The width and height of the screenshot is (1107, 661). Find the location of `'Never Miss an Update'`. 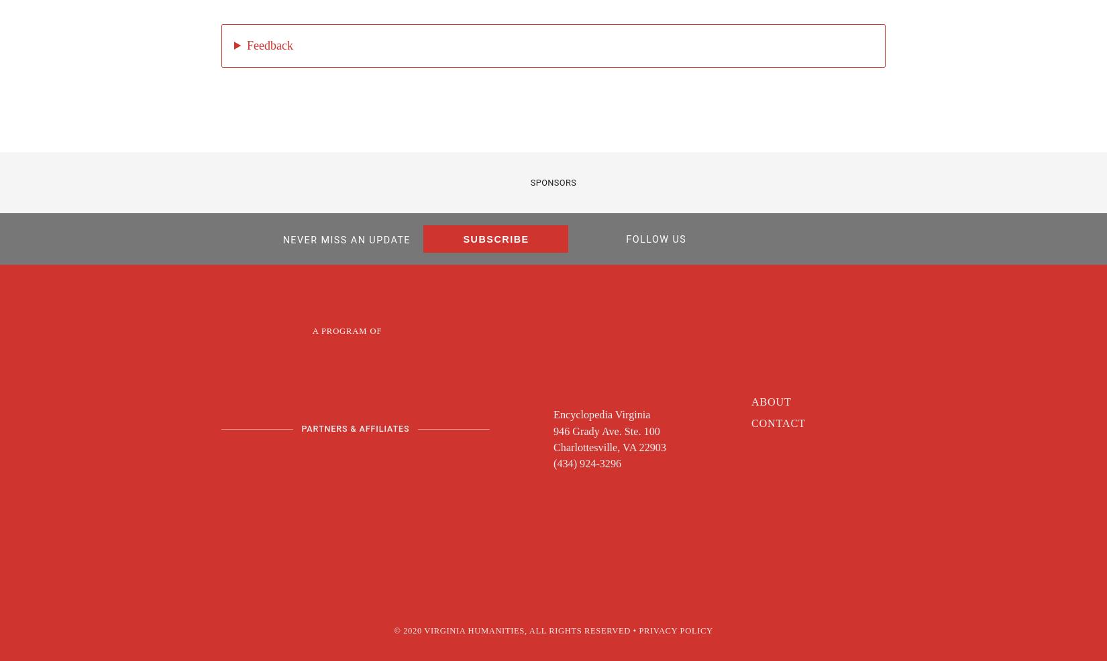

'Never Miss an Update' is located at coordinates (345, 239).